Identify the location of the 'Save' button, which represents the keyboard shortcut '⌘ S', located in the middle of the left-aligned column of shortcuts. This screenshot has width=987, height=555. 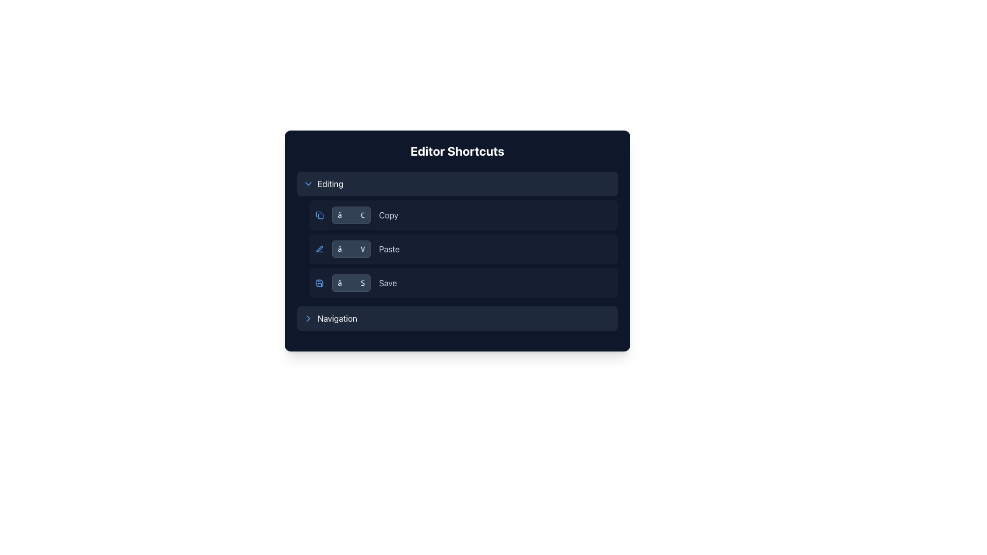
(351, 283).